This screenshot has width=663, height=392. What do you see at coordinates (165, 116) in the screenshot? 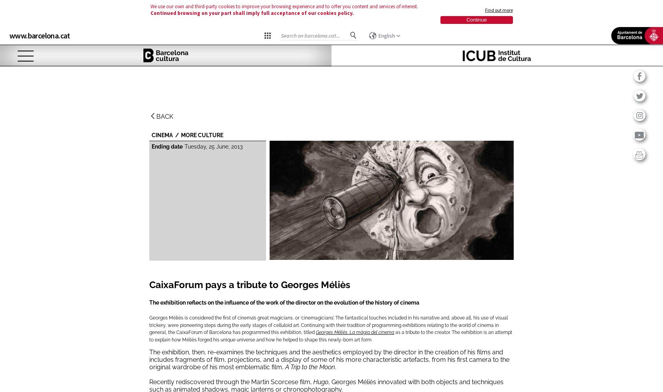
I see `'Back'` at bounding box center [165, 116].